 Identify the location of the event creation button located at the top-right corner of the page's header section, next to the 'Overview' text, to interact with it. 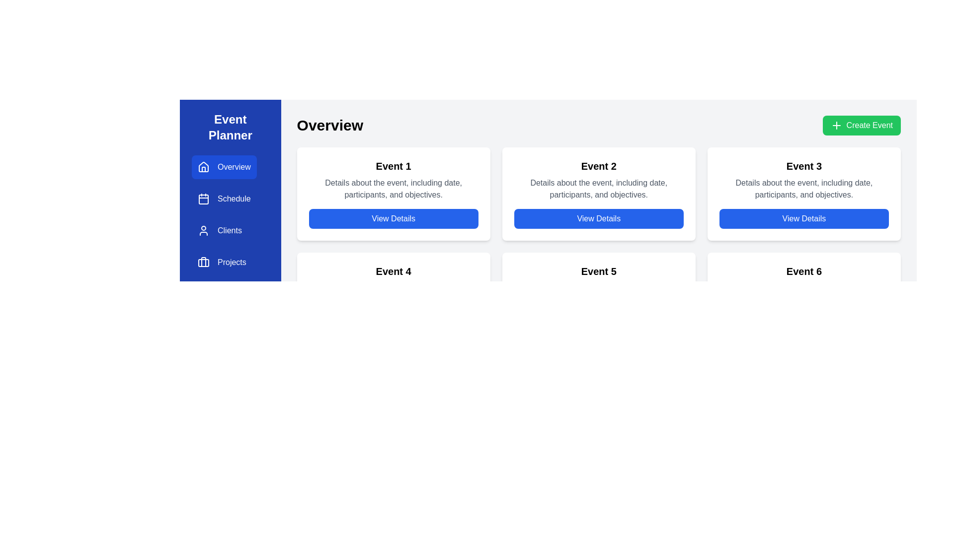
(861, 125).